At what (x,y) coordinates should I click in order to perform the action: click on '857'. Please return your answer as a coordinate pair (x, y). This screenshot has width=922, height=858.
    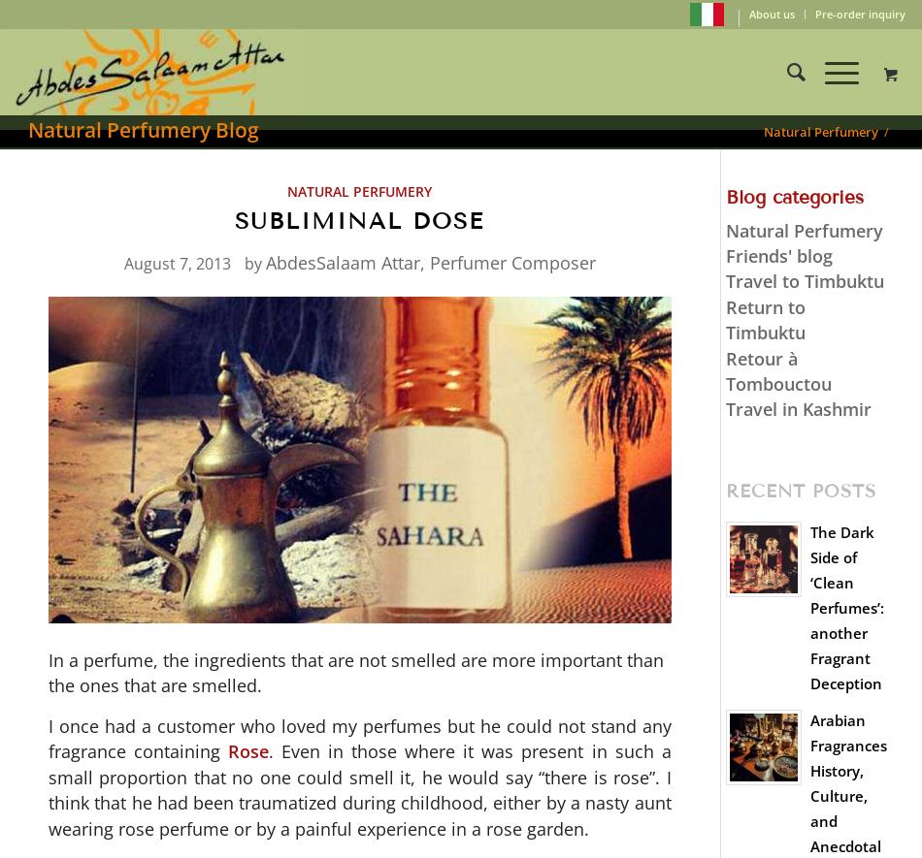
    Looking at the image, I should click on (674, 191).